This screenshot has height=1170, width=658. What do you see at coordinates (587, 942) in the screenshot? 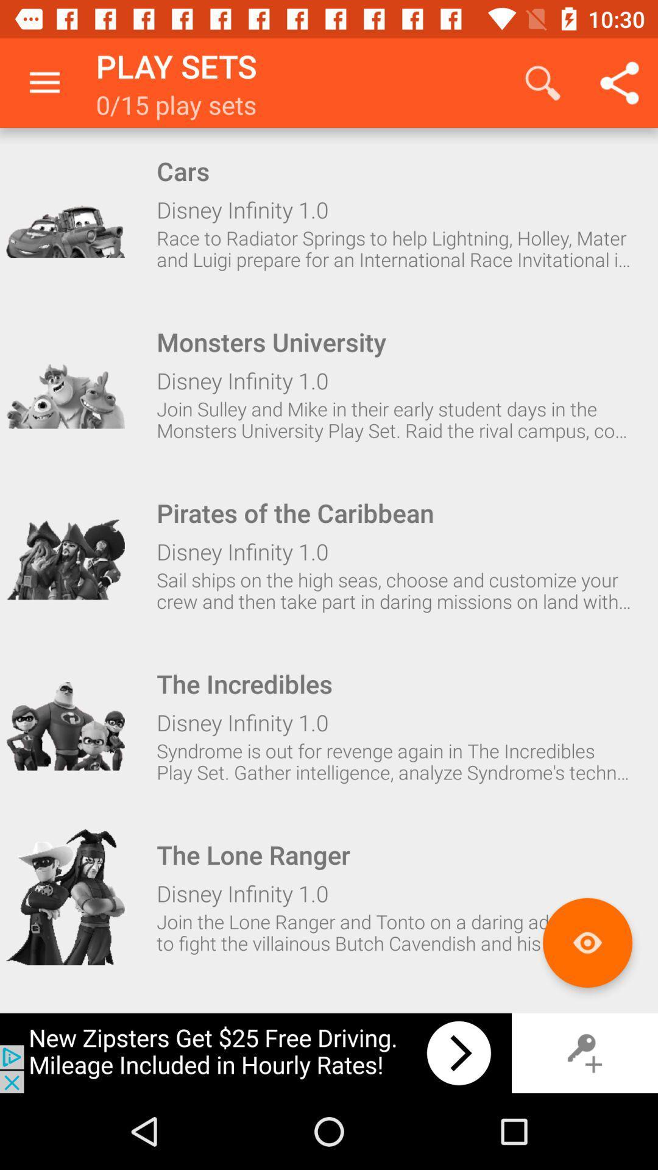
I see `articles` at bounding box center [587, 942].